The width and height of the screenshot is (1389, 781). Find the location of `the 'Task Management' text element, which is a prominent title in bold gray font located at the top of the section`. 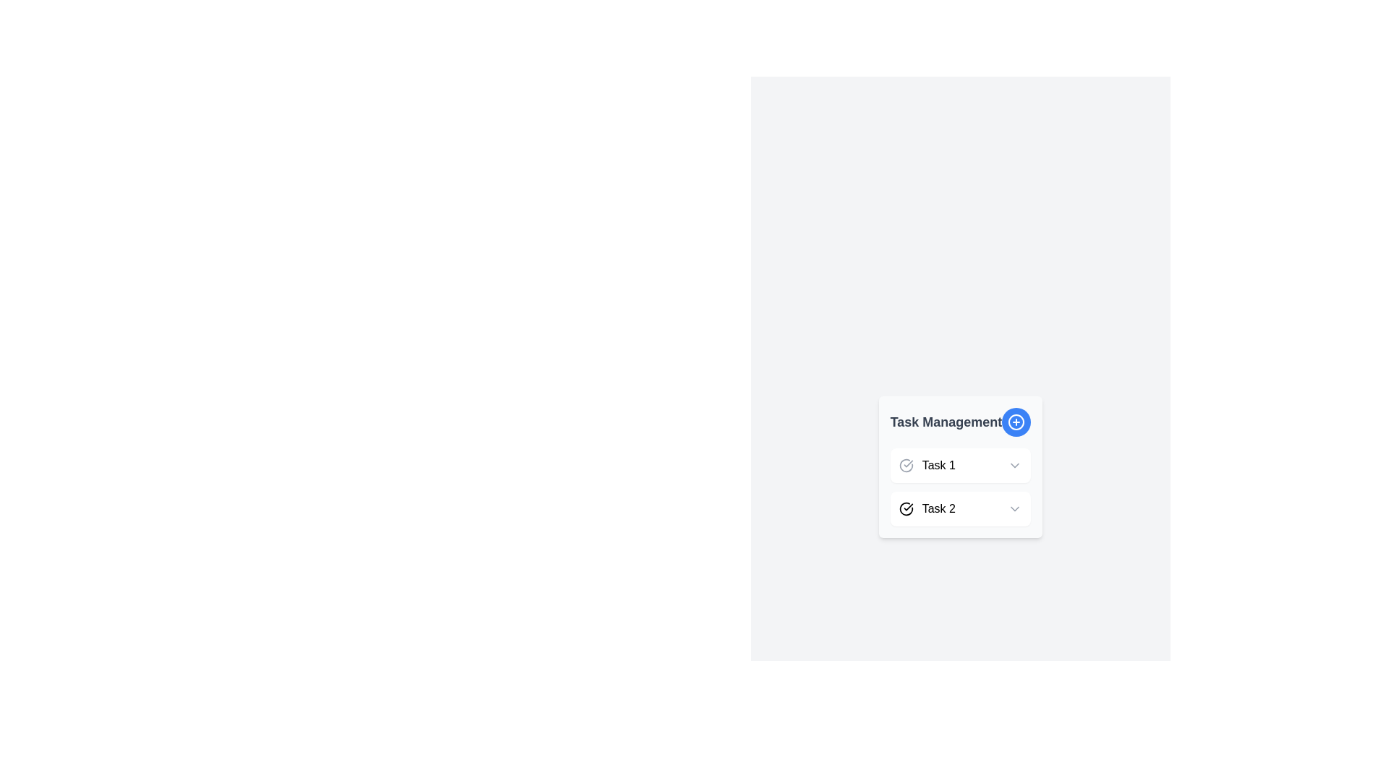

the 'Task Management' text element, which is a prominent title in bold gray font located at the top of the section is located at coordinates (946, 422).